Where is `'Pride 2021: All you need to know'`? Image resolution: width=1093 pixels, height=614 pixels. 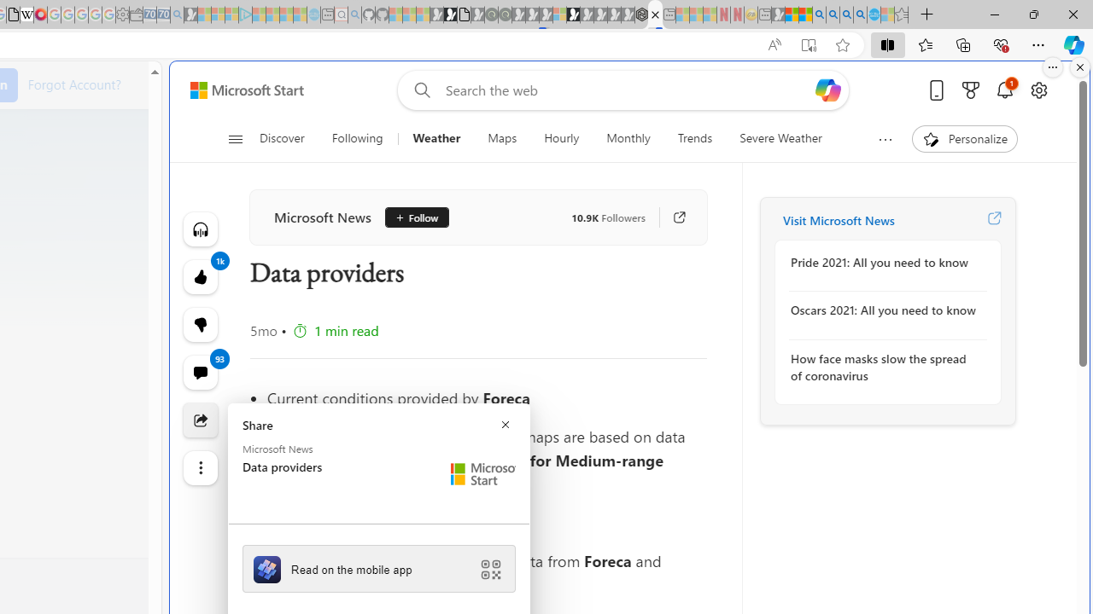 'Pride 2021: All you need to know' is located at coordinates (883, 263).